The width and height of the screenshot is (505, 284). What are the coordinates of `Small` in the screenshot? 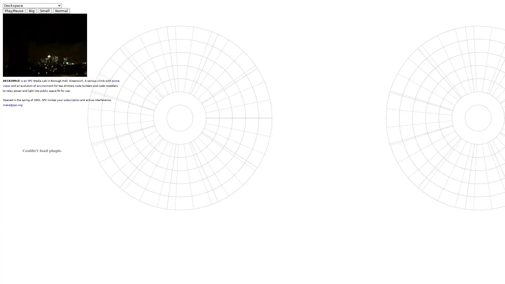 It's located at (45, 11).